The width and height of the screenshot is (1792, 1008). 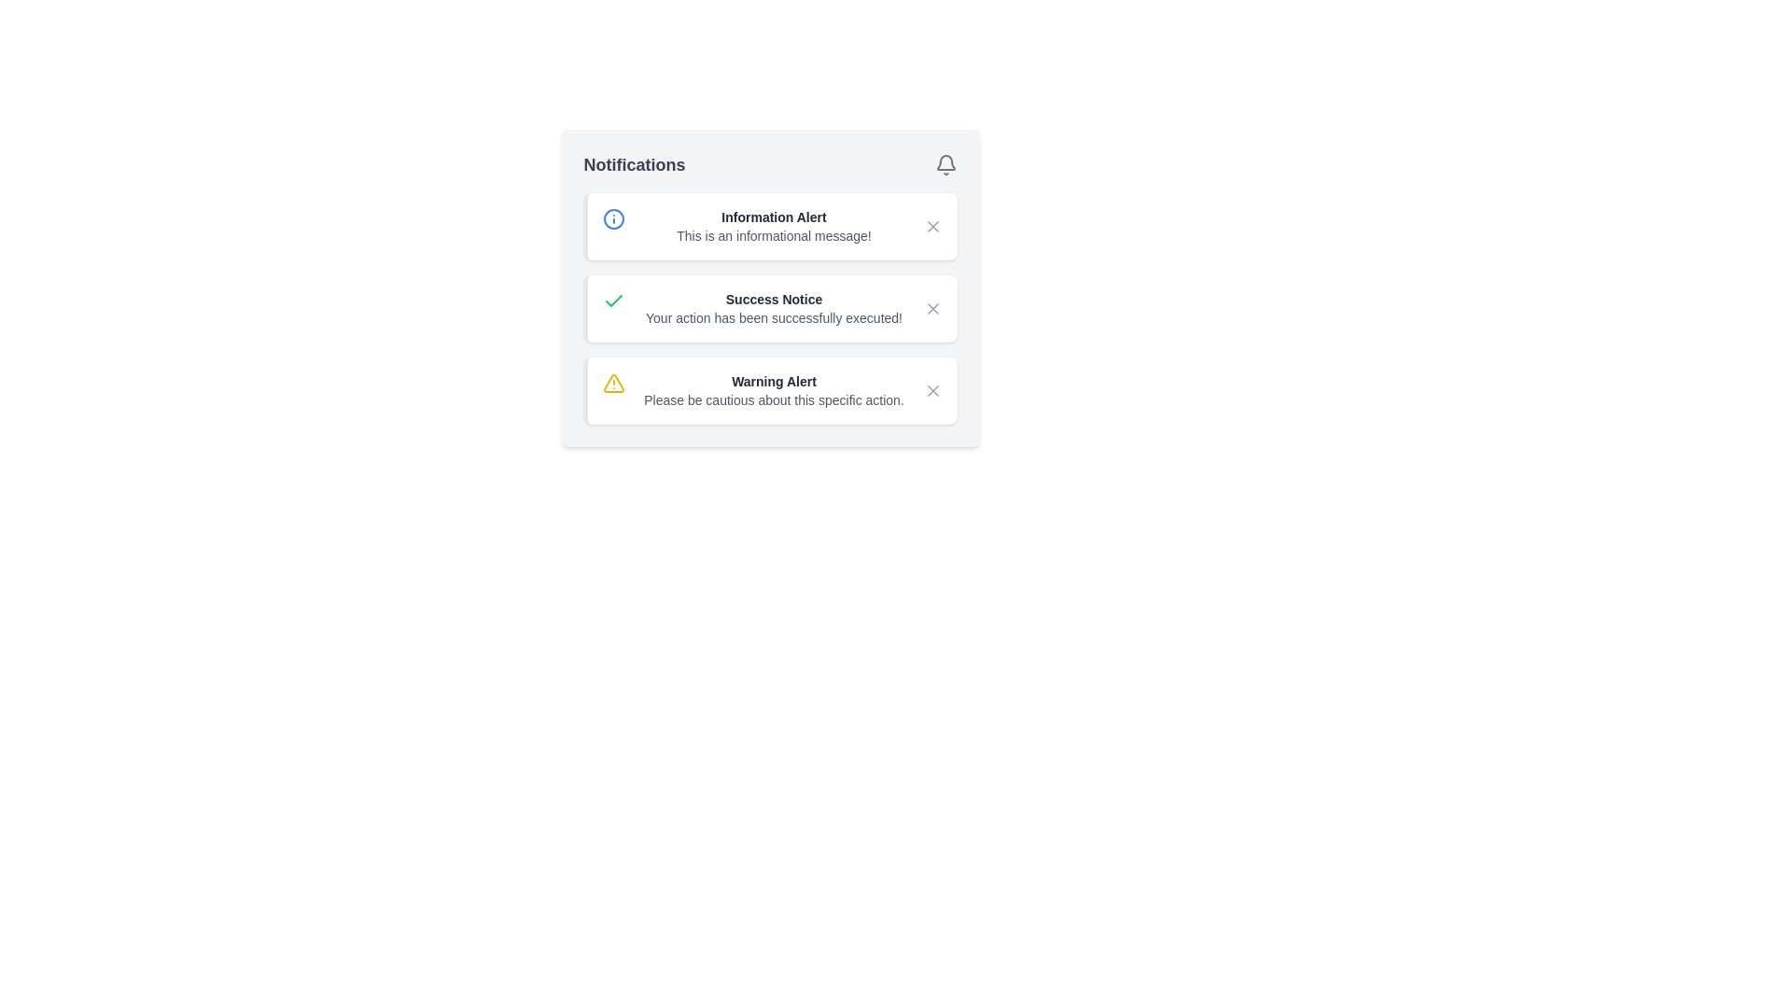 I want to click on the Text label that displays 'This is an informational message!' located below the title 'Information Alert' in the first notification card, so click(x=774, y=235).